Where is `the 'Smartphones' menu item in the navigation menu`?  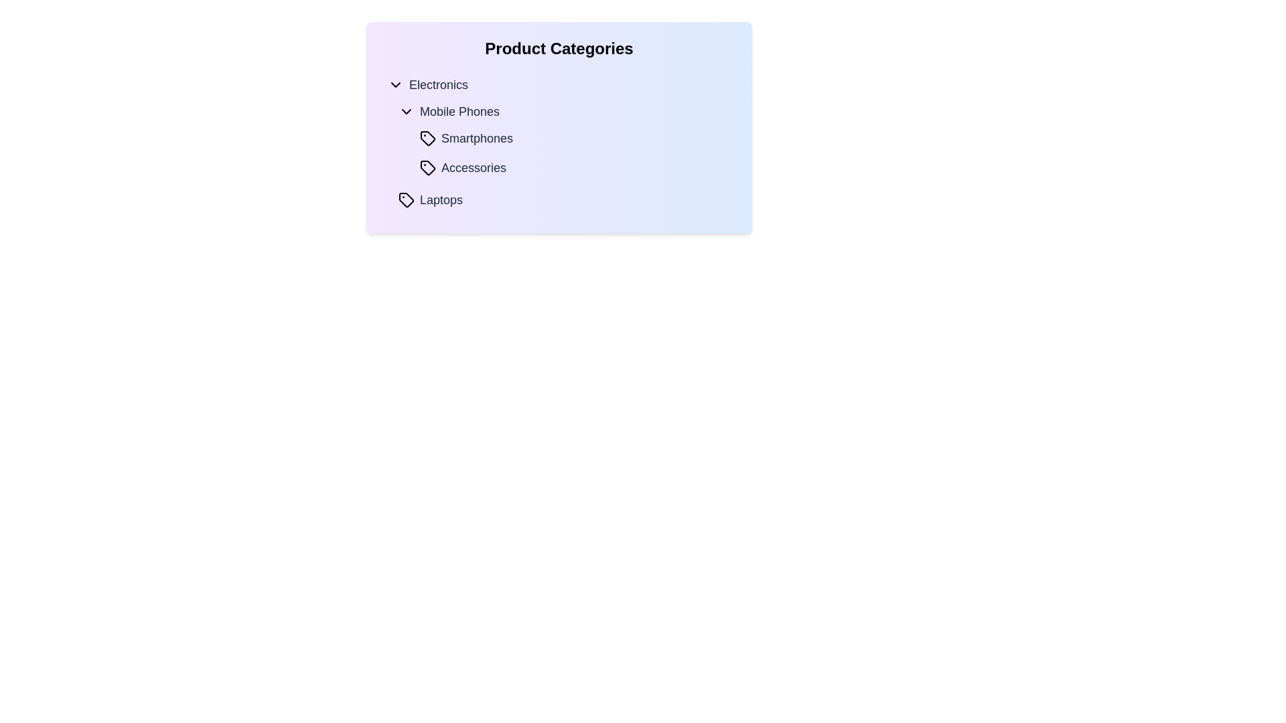
the 'Smartphones' menu item in the navigation menu is located at coordinates (575, 139).